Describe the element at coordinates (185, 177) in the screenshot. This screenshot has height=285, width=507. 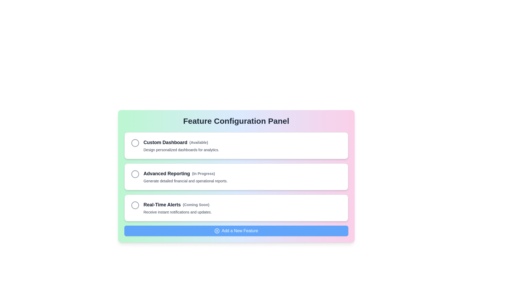
I see `the 'Advanced Reporting' informational card, which features a title in bold black text, a smaller grey text '(In Progress)', and a description below, all centered in a white, rounded-rectangle box` at that location.